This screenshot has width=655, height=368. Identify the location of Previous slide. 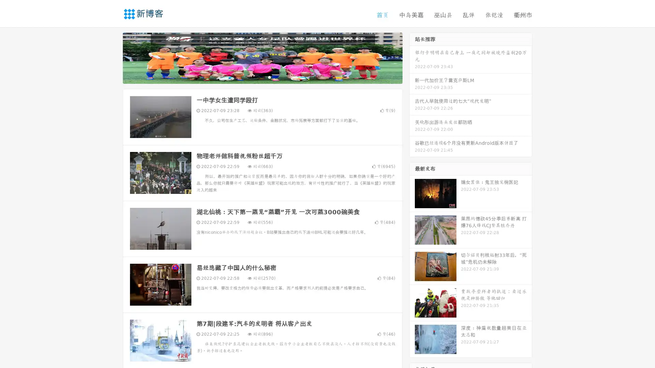
(113, 57).